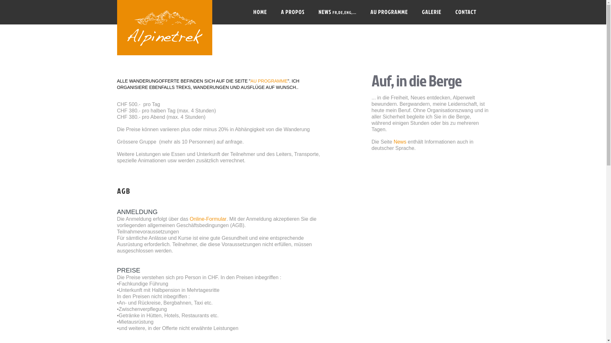 The image size is (611, 343). Describe the element at coordinates (269, 80) in the screenshot. I see `'AU PROGRAMME'` at that location.